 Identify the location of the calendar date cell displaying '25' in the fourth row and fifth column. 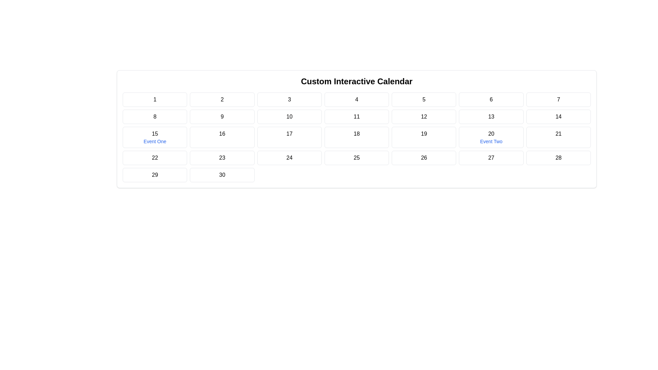
(356, 158).